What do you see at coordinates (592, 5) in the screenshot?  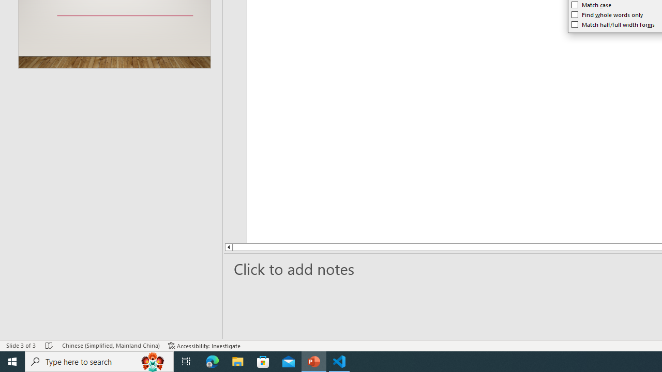 I see `'Match case'` at bounding box center [592, 5].